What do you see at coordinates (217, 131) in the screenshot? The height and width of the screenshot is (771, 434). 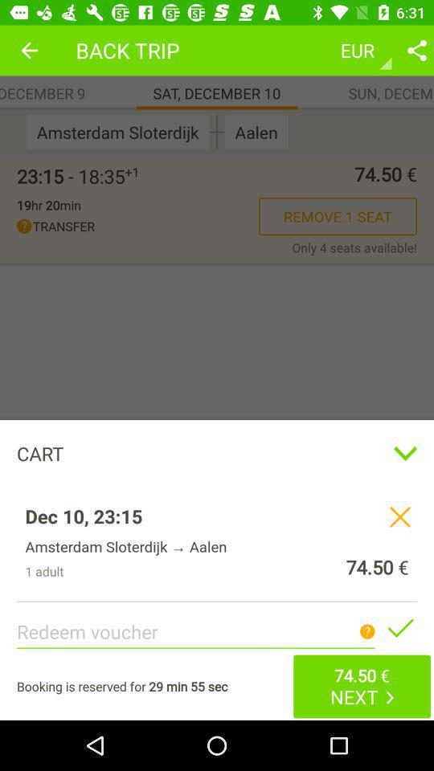 I see `icon below the sat, december 10 app` at bounding box center [217, 131].